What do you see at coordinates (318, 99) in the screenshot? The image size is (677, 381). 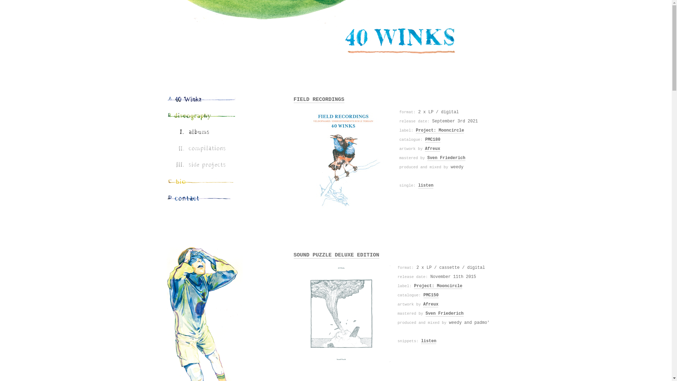 I see `'FIELD RECORDINGS'` at bounding box center [318, 99].